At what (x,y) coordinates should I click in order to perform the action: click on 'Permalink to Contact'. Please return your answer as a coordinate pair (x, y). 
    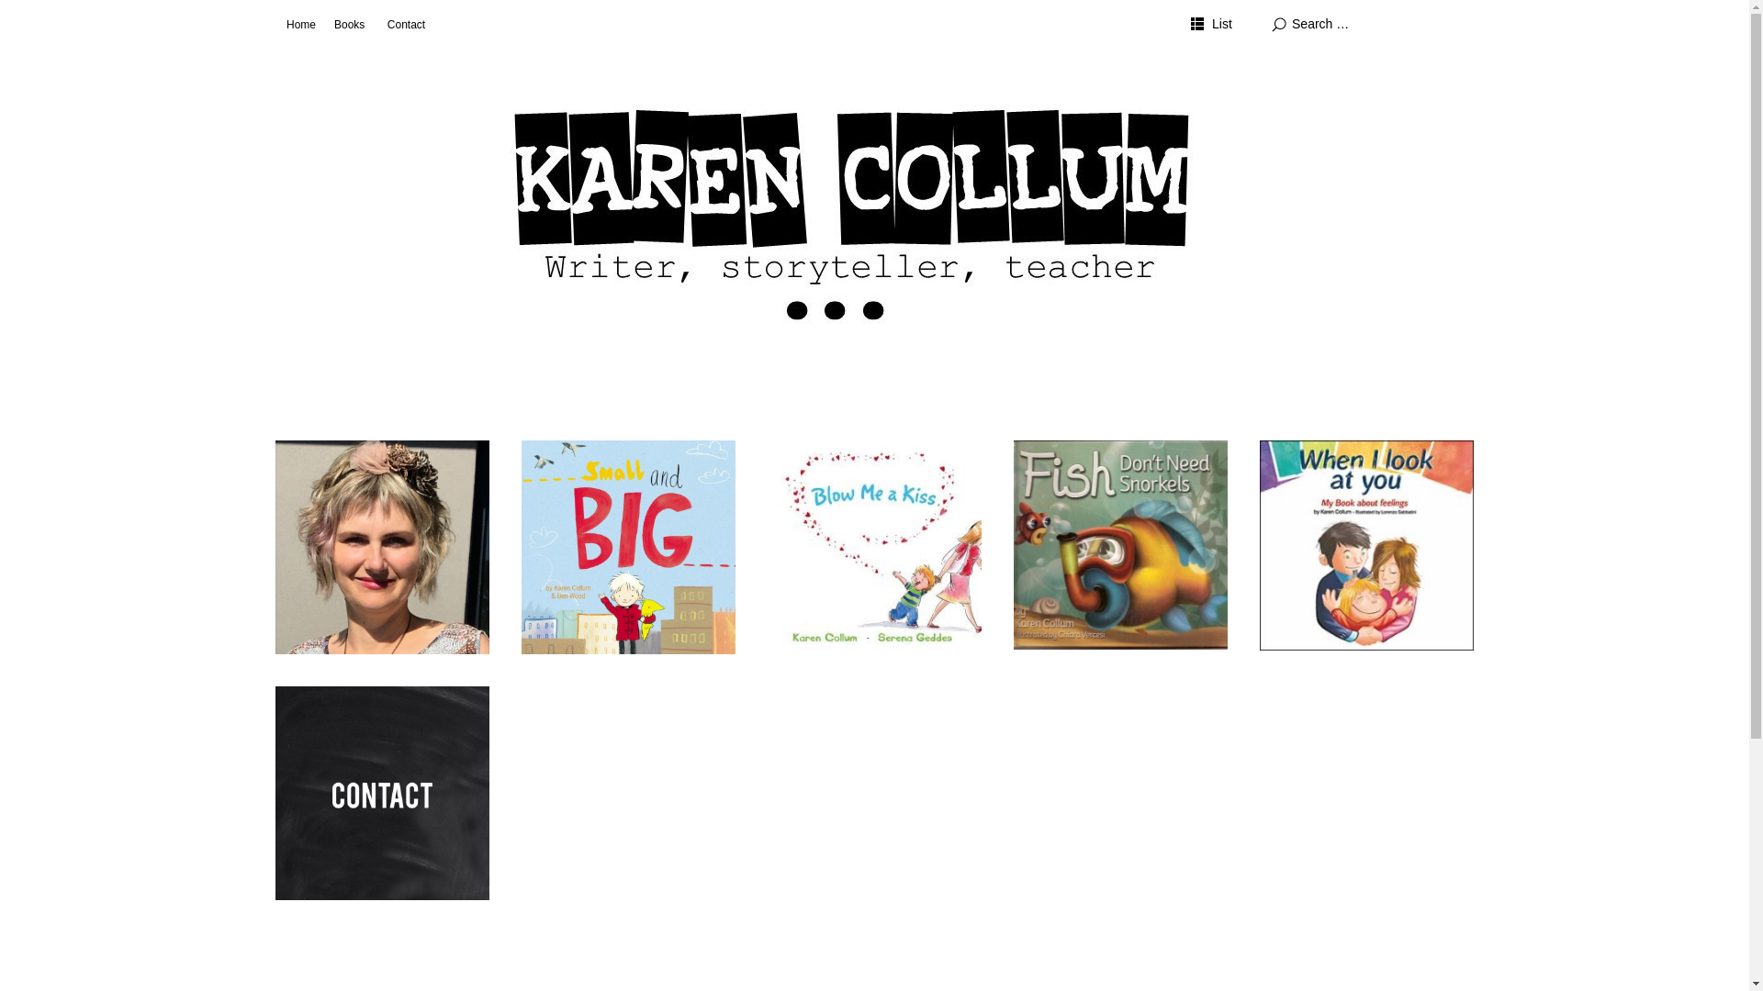
    Looking at the image, I should click on (381, 792).